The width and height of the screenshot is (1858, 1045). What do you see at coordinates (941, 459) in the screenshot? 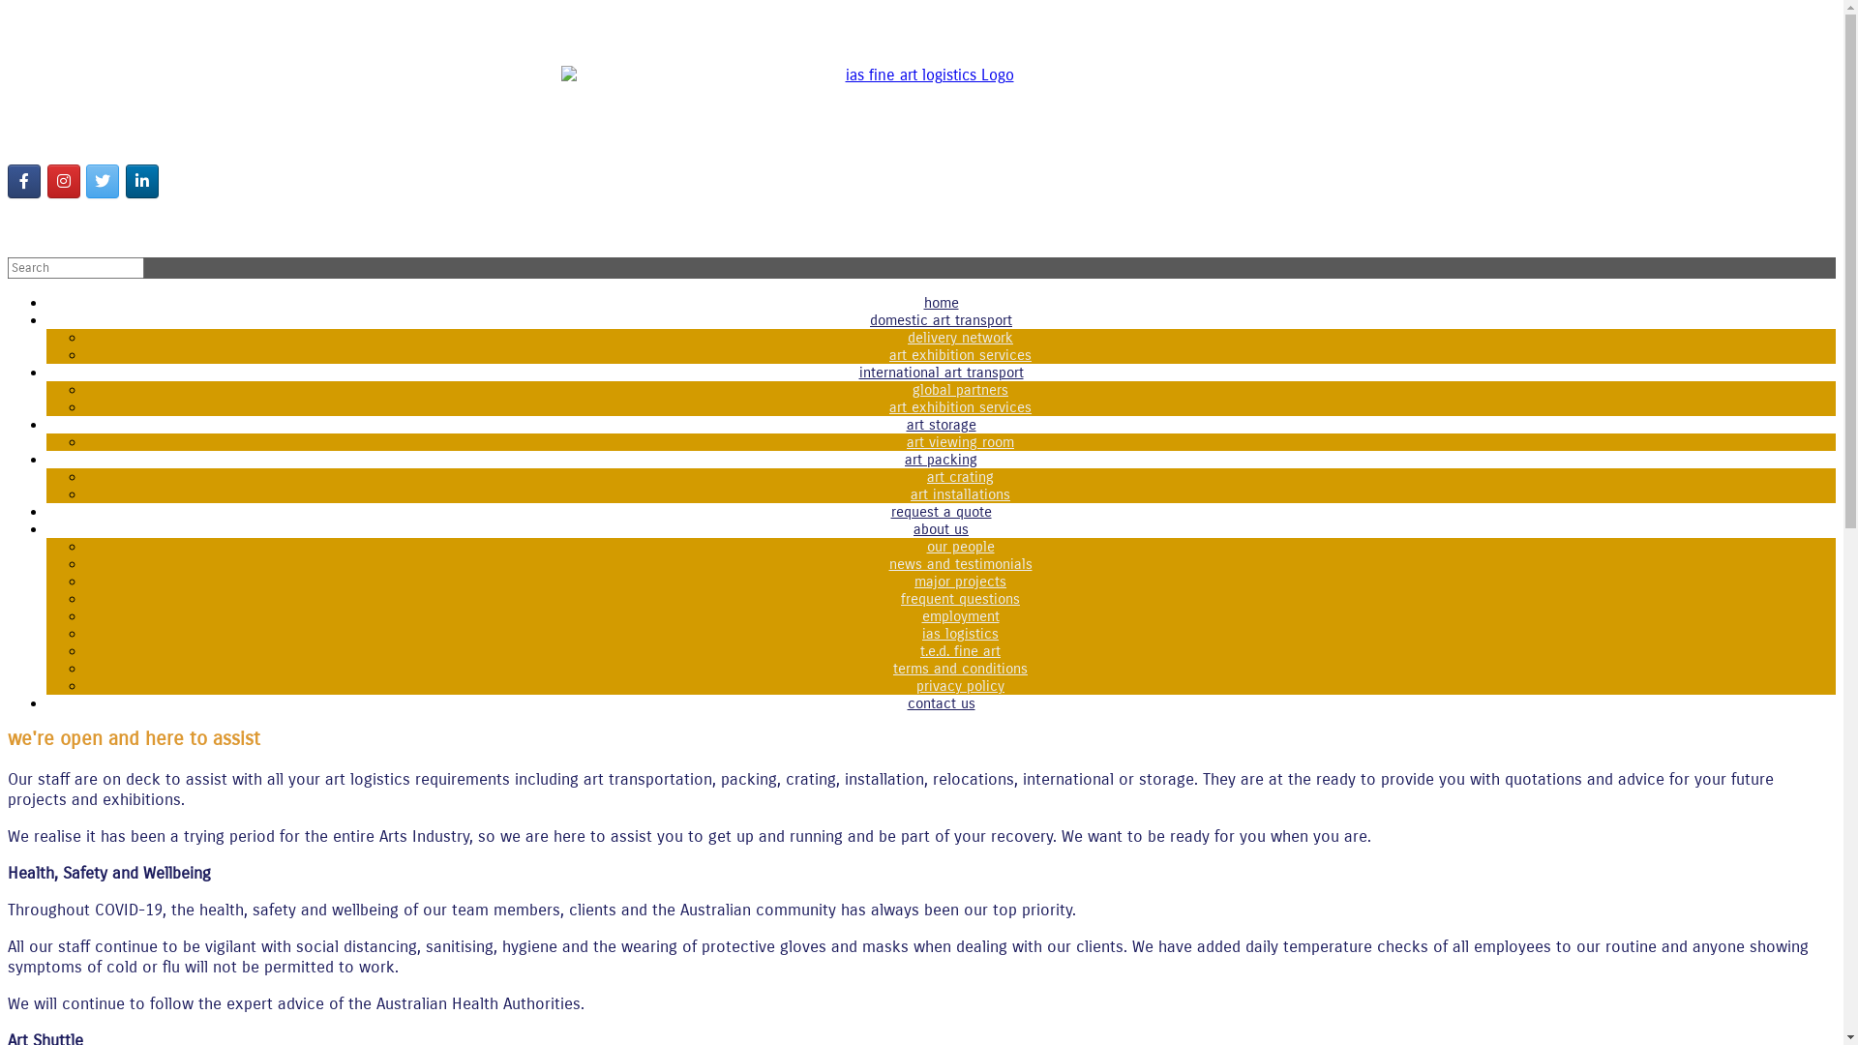
I see `'art packing'` at bounding box center [941, 459].